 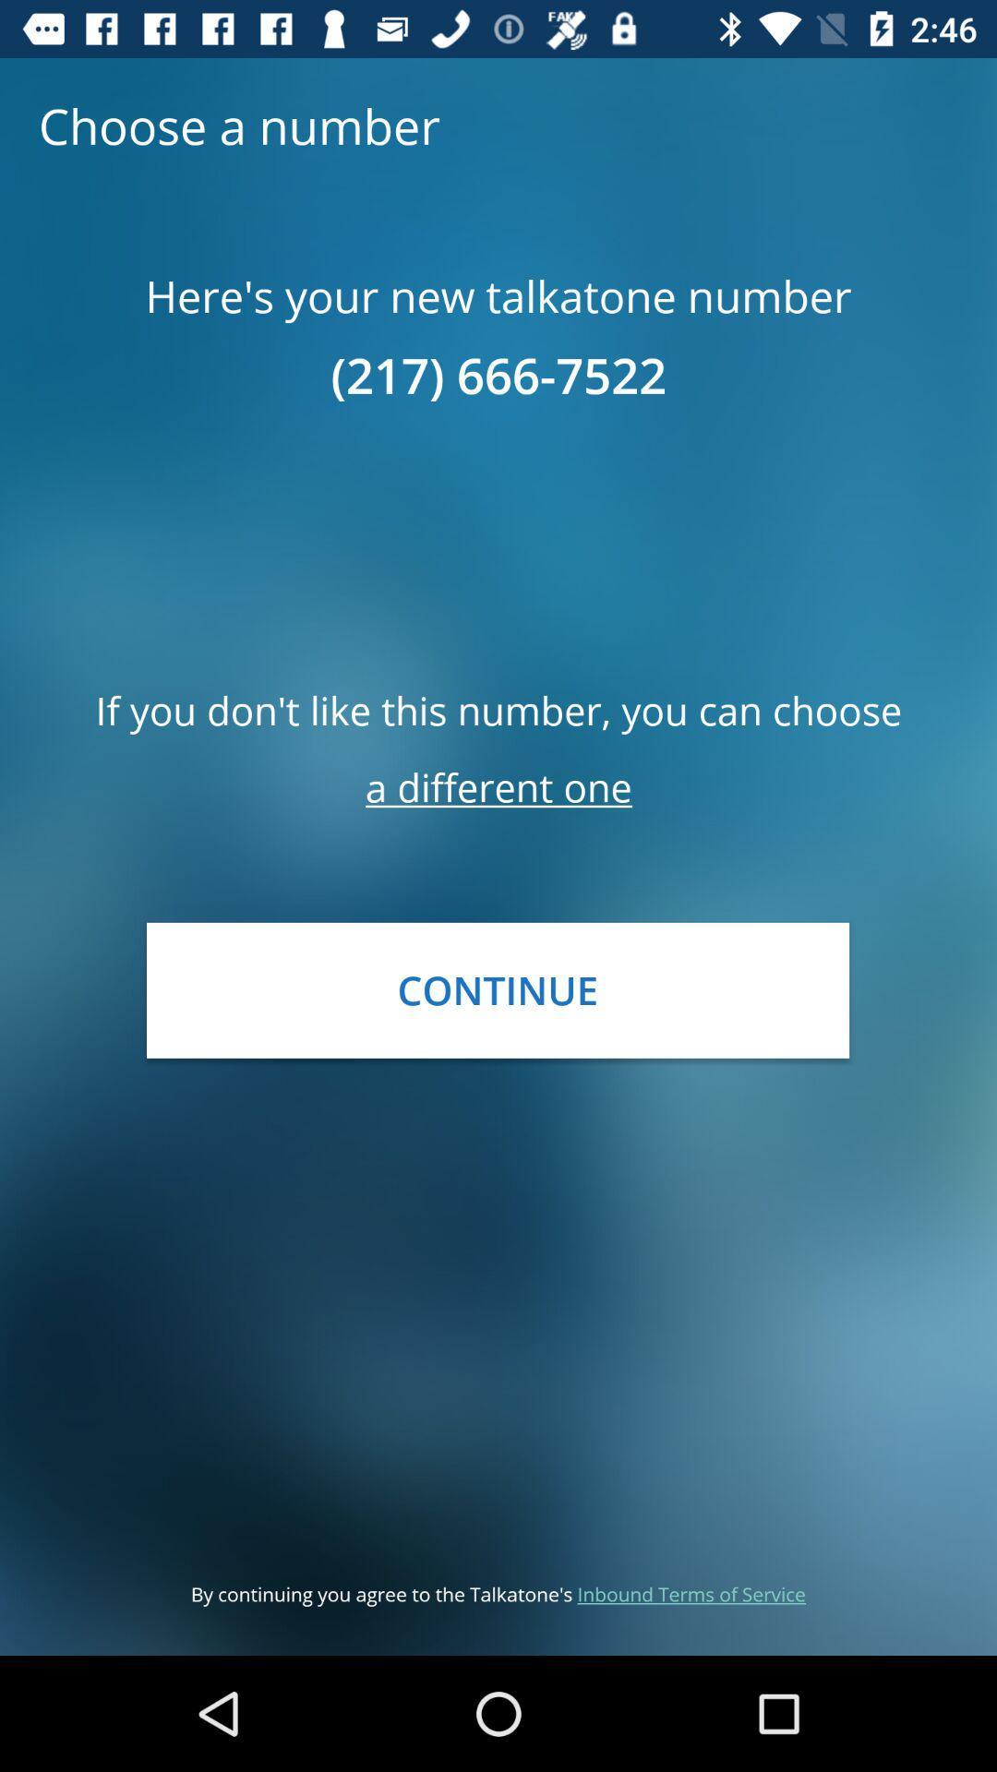 What do you see at coordinates (498, 1593) in the screenshot?
I see `by continuing you icon` at bounding box center [498, 1593].